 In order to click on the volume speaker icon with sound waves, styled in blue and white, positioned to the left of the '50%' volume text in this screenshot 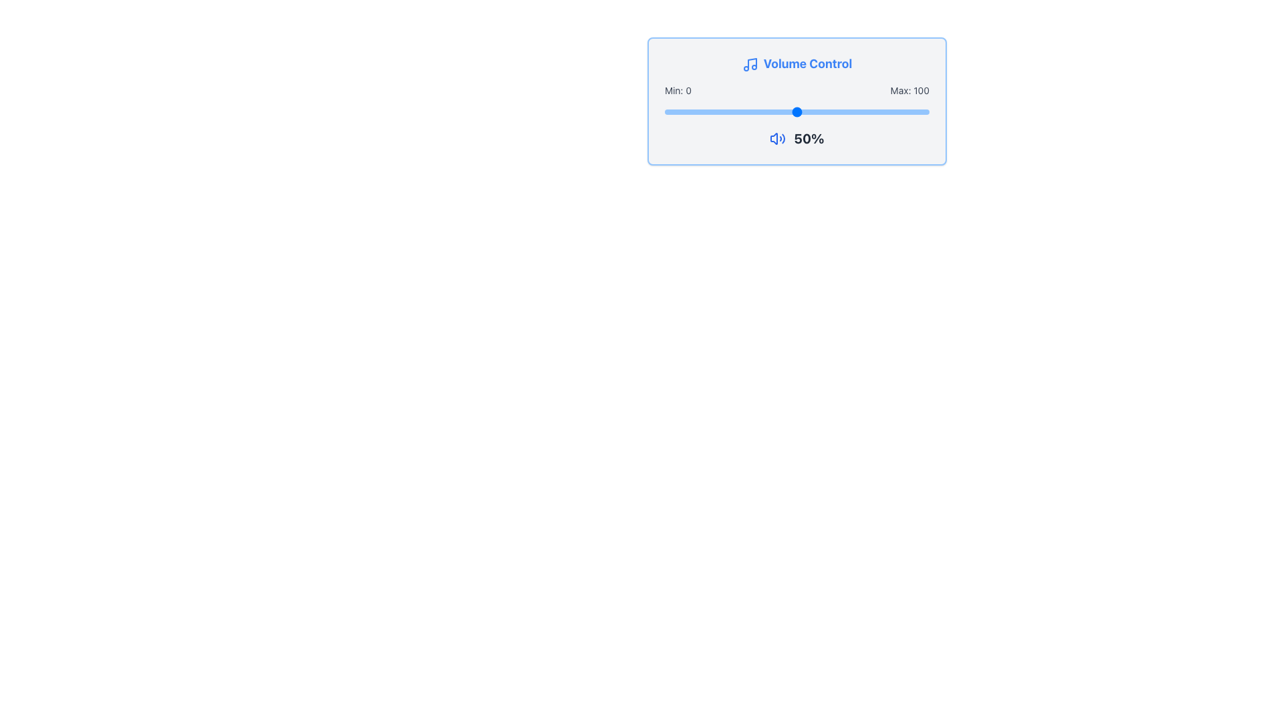, I will do `click(778, 139)`.